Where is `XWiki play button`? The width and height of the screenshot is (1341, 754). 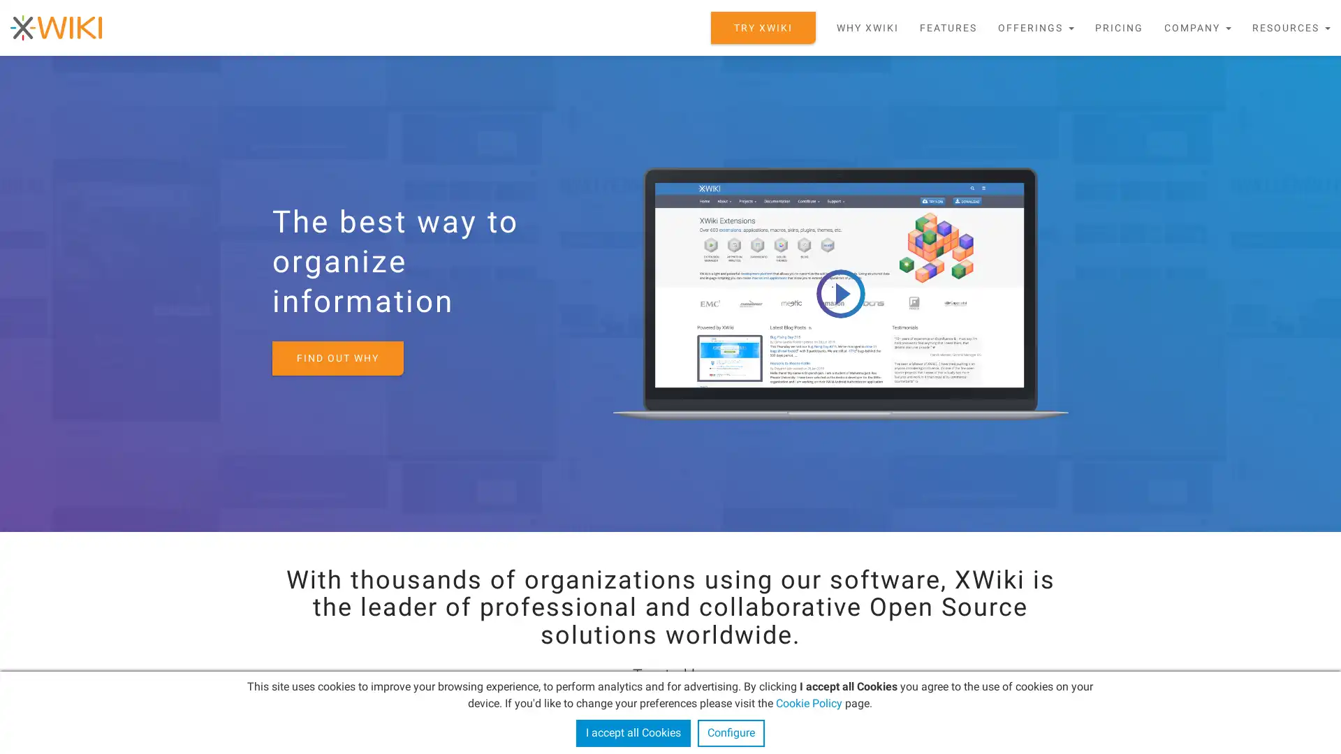 XWiki play button is located at coordinates (840, 293).